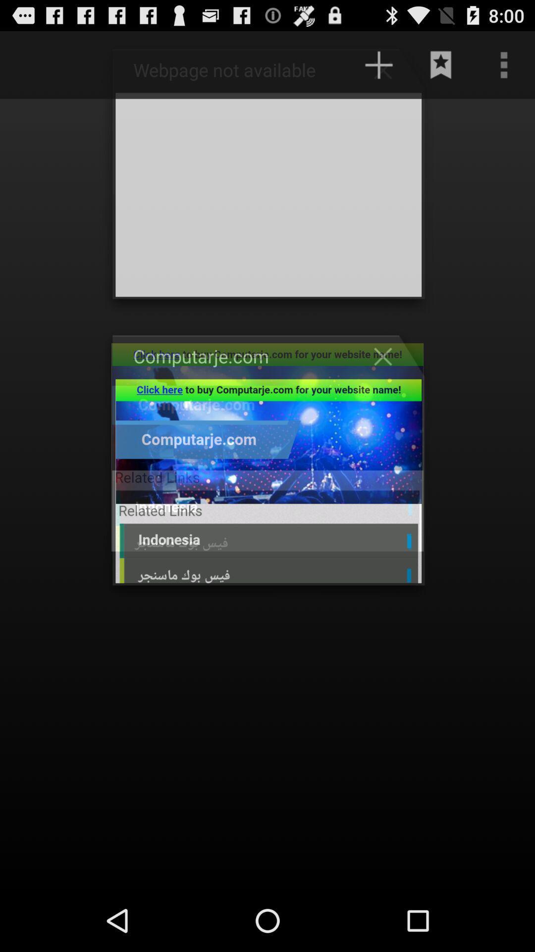 The image size is (535, 952). What do you see at coordinates (387, 380) in the screenshot?
I see `the close icon` at bounding box center [387, 380].